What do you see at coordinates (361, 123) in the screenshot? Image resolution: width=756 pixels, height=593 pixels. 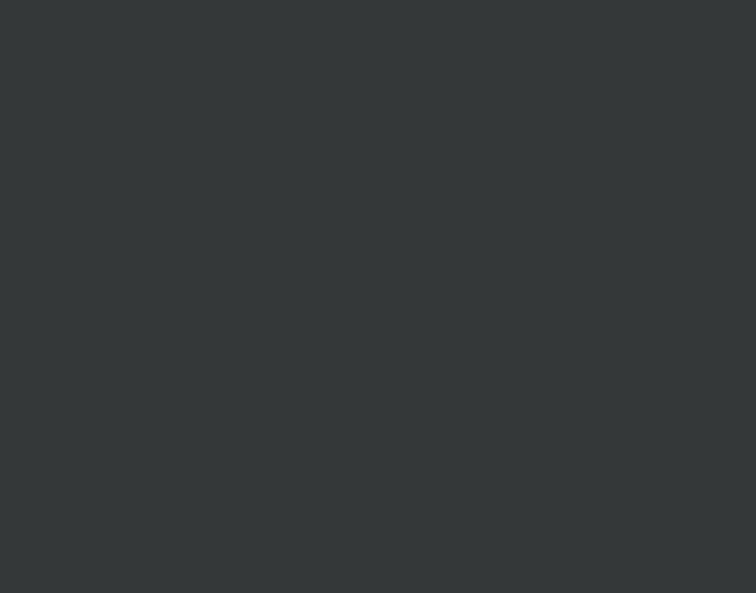 I see `'readers advisory'` at bounding box center [361, 123].